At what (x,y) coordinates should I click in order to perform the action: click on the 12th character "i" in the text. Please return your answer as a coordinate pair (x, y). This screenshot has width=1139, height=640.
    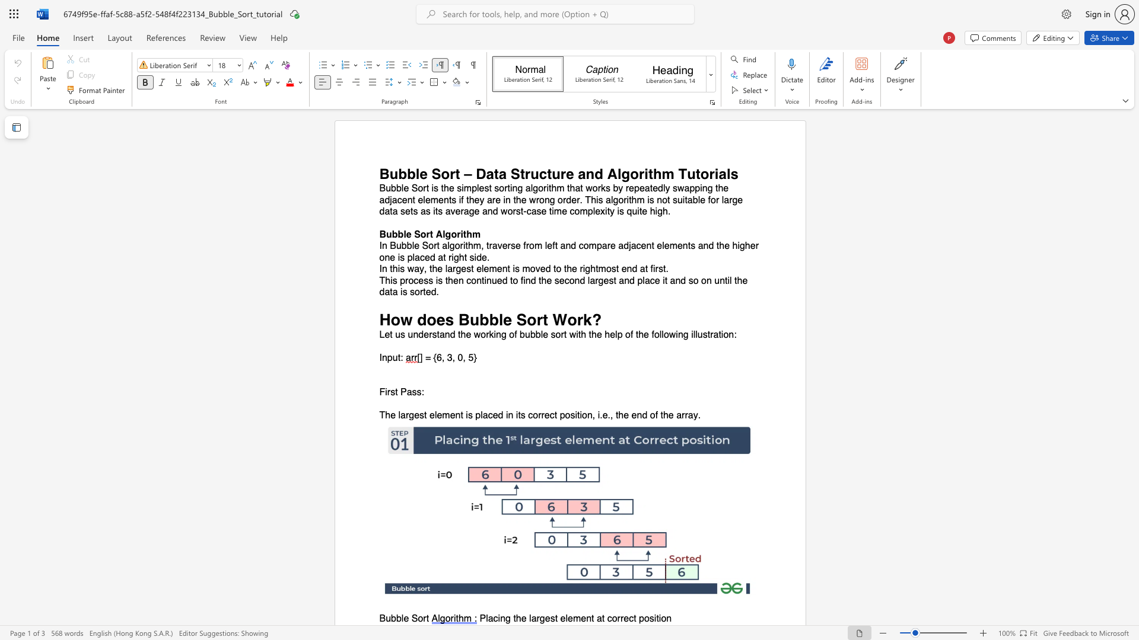
    Looking at the image, I should click on (433, 211).